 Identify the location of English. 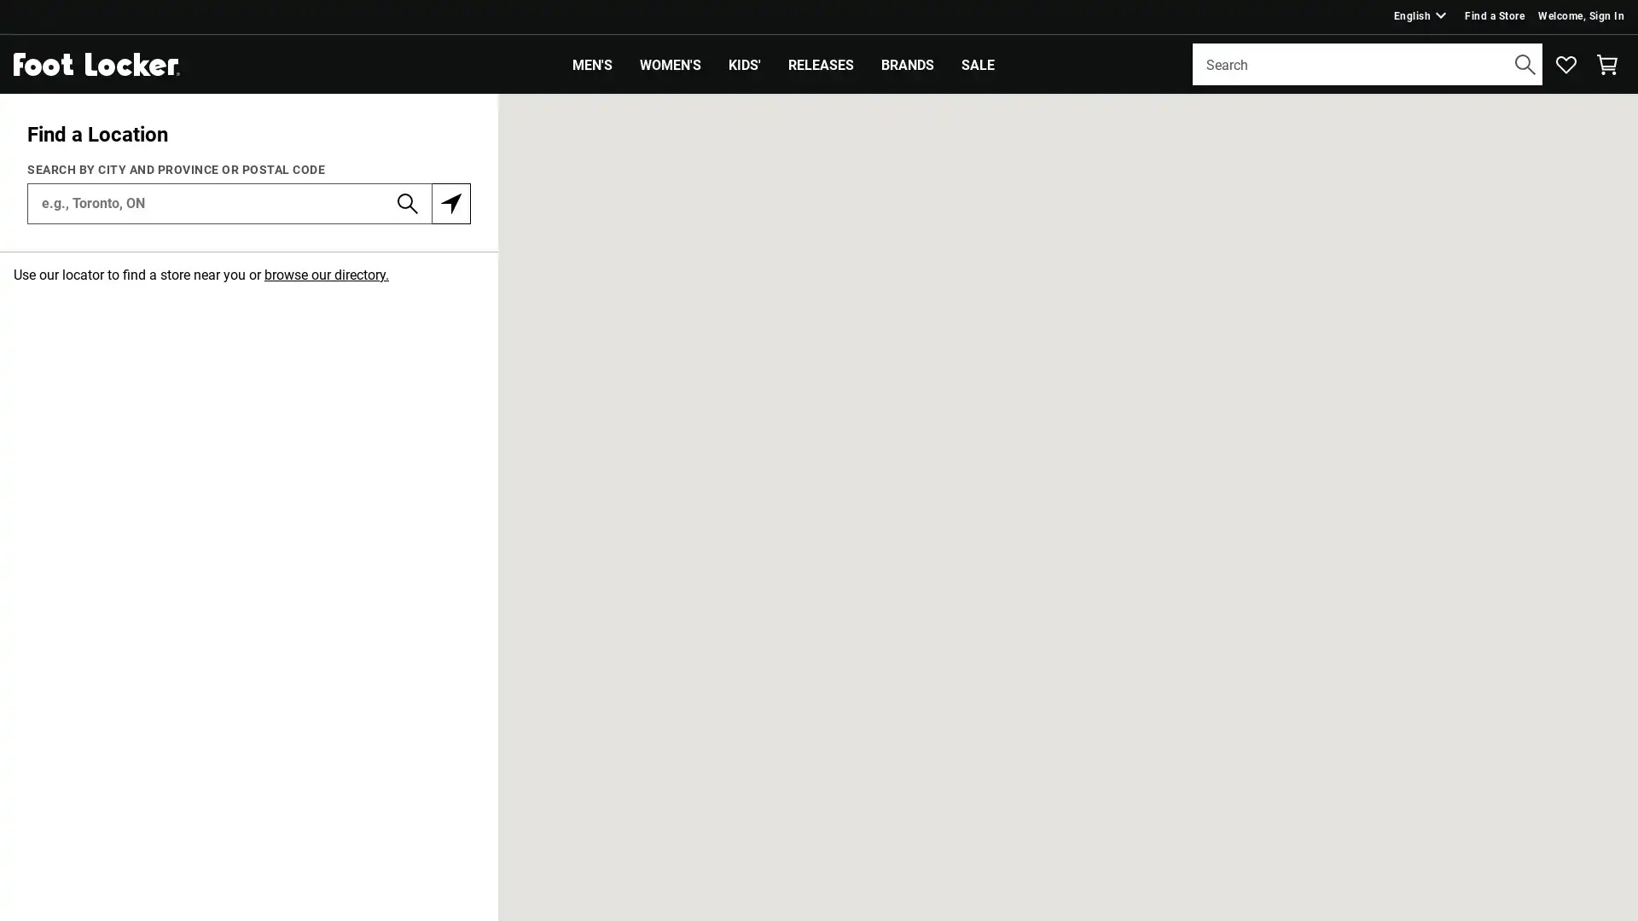
(1421, 15).